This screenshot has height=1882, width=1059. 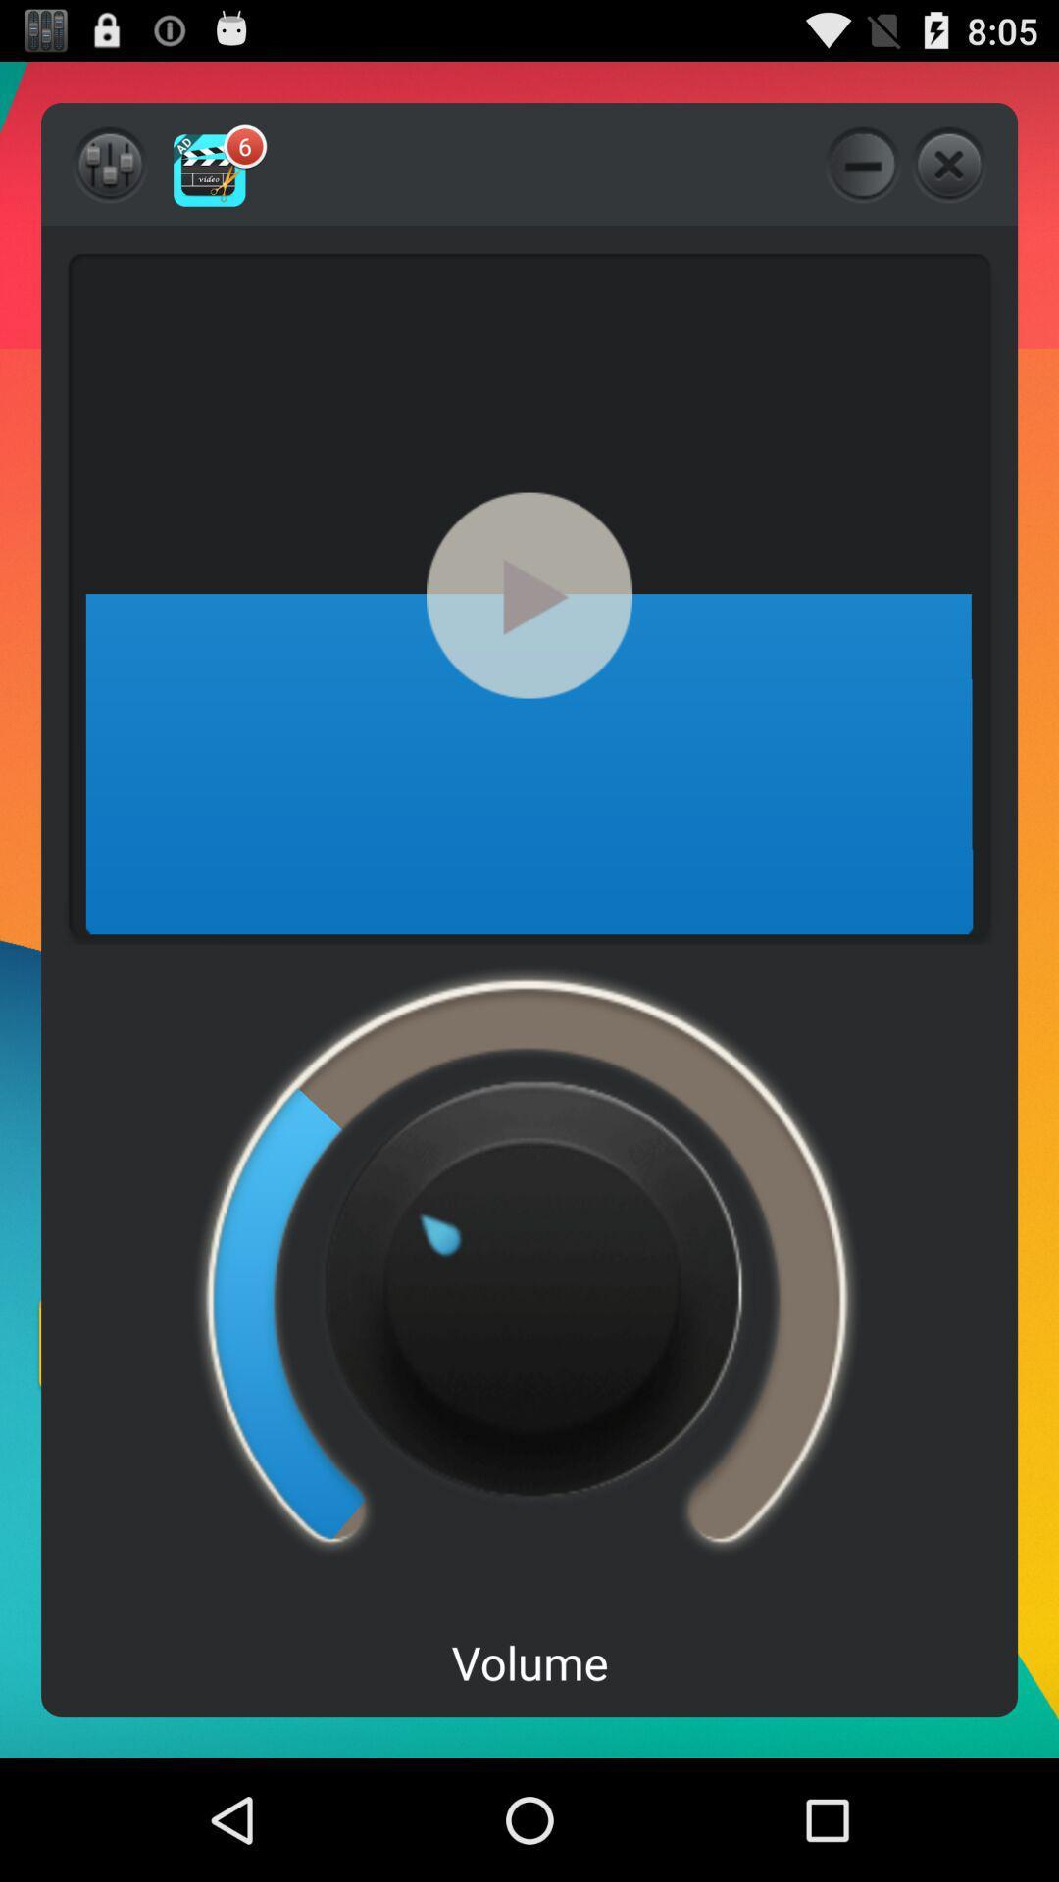 I want to click on the sliders icon, so click(x=110, y=175).